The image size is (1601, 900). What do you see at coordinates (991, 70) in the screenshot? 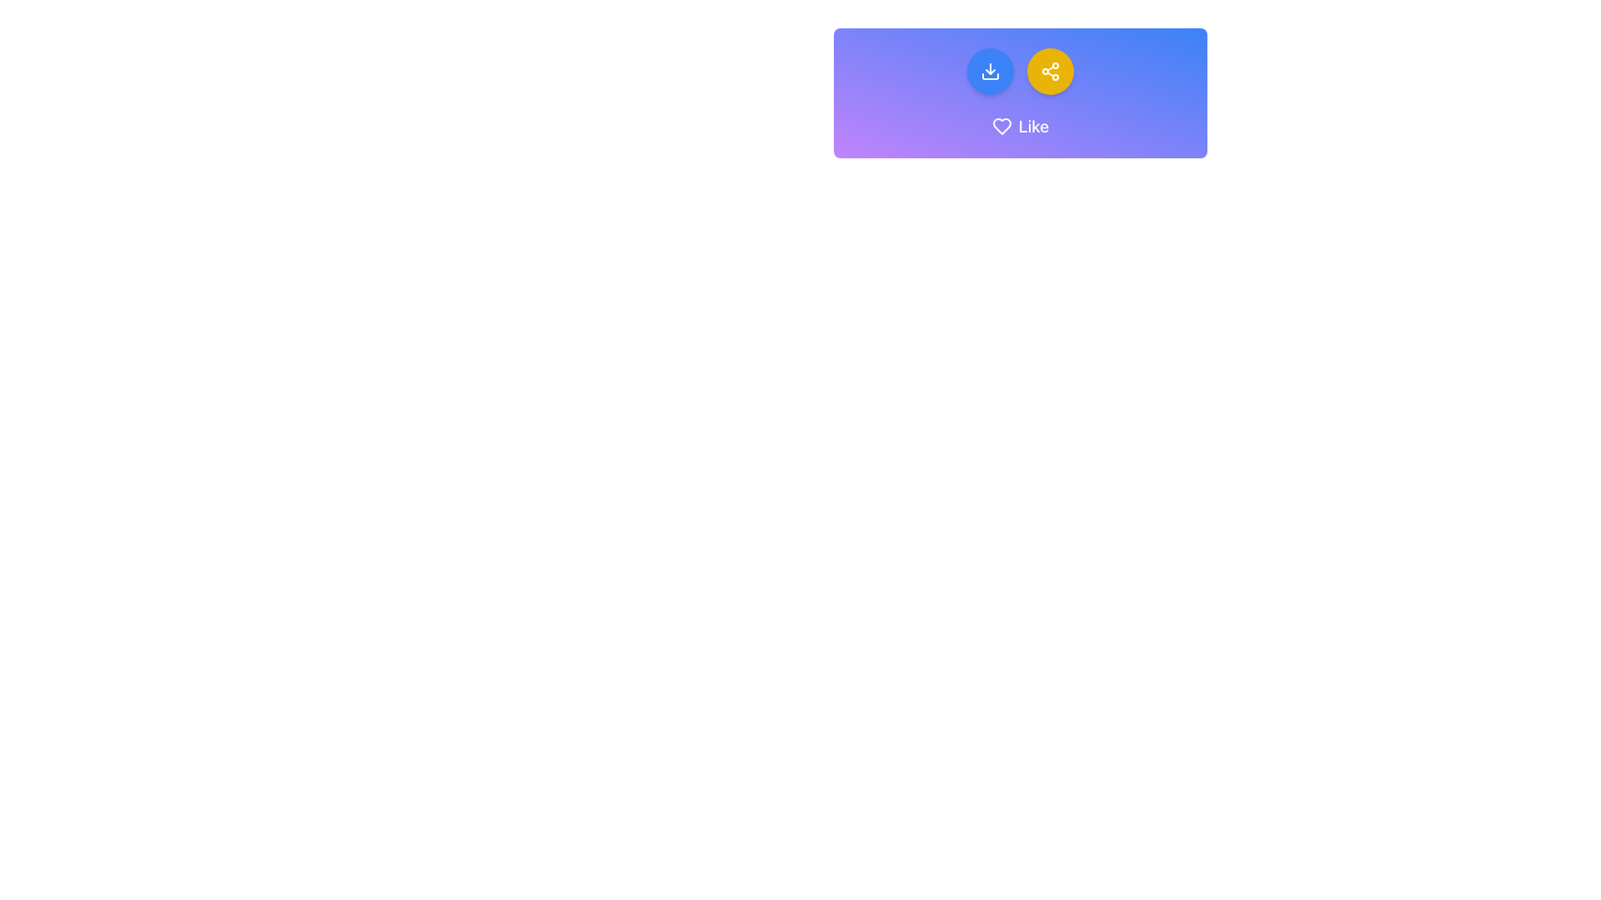
I see `the download icon button, which is a blue circular button with a downward arrow and a line below it, located at the top left of the interface` at bounding box center [991, 70].